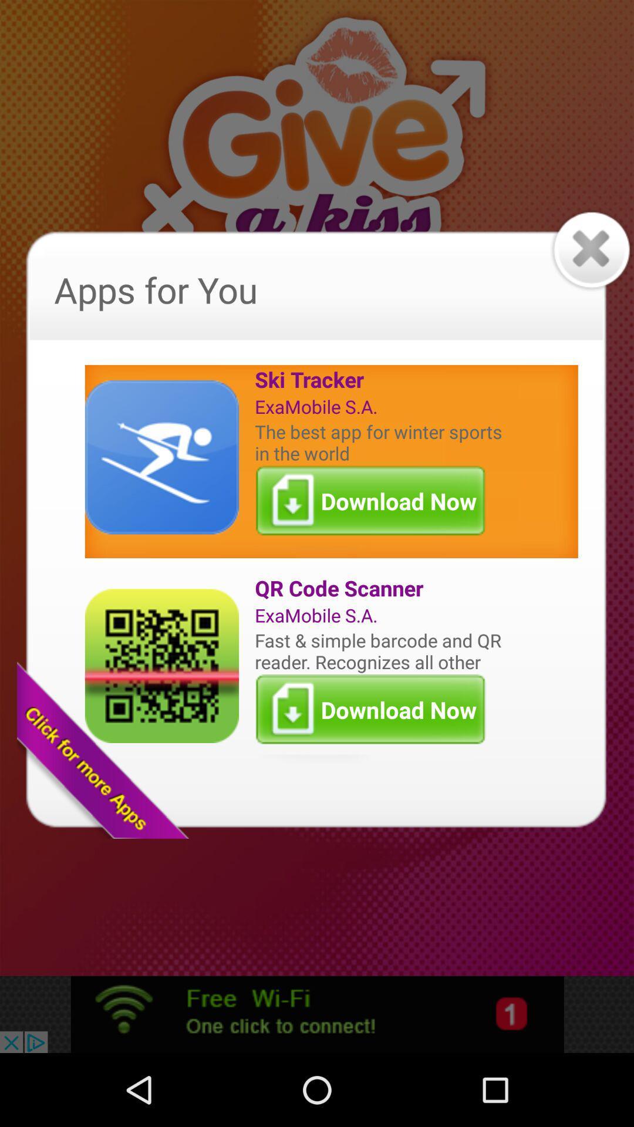 The width and height of the screenshot is (634, 1127). Describe the element at coordinates (381, 650) in the screenshot. I see `item above the download now icon` at that location.